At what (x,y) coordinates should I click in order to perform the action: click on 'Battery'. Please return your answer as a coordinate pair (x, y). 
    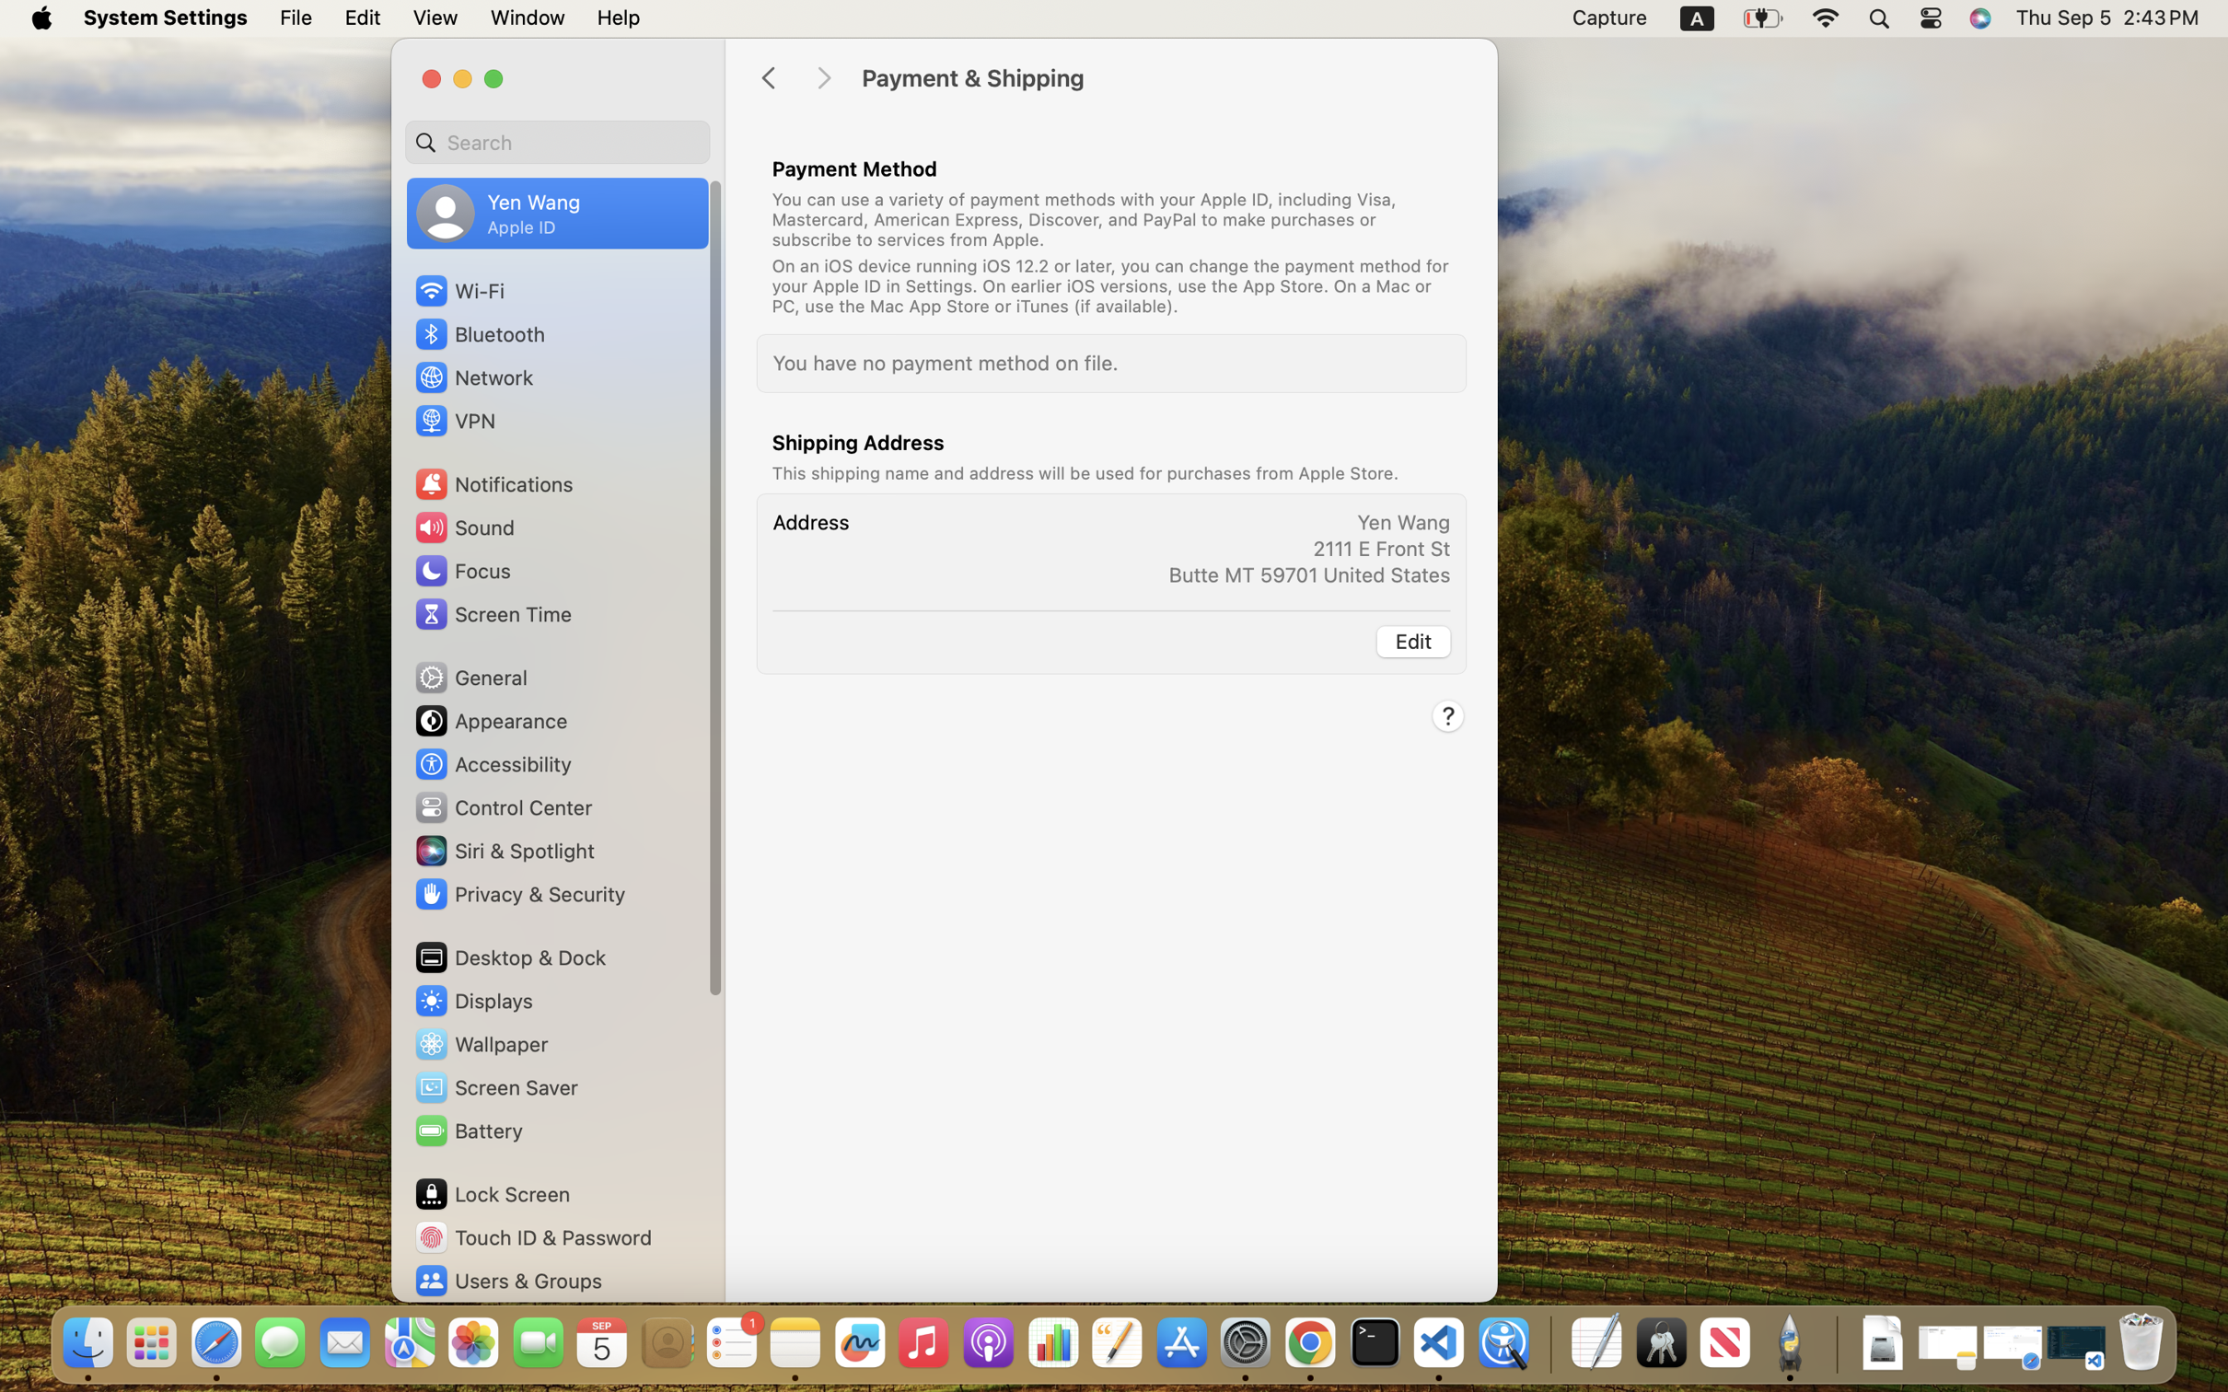
    Looking at the image, I should click on (468, 1129).